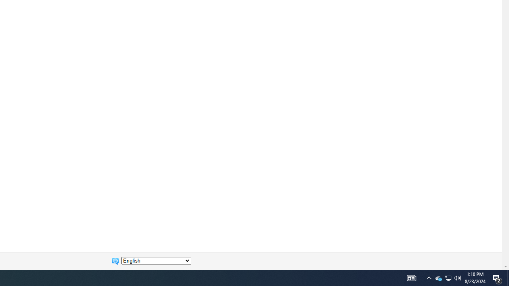  What do you see at coordinates (156, 261) in the screenshot?
I see `'Change language:'` at bounding box center [156, 261].